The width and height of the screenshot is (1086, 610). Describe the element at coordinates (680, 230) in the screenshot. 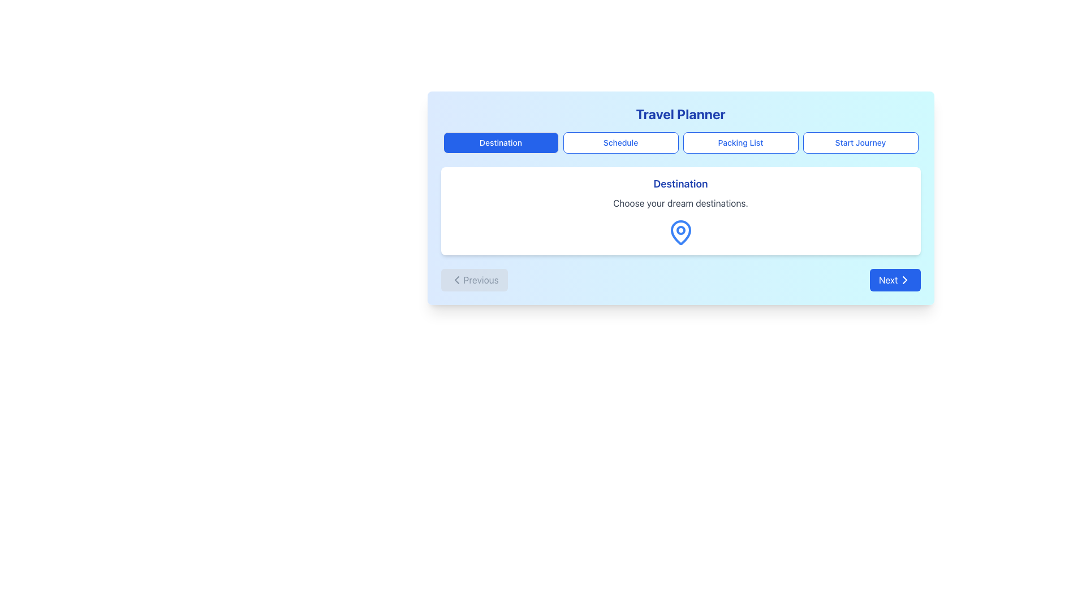

I see `the small SVG circle that is part of the location pin icon, positioned at the center of the 'Destination' content box` at that location.